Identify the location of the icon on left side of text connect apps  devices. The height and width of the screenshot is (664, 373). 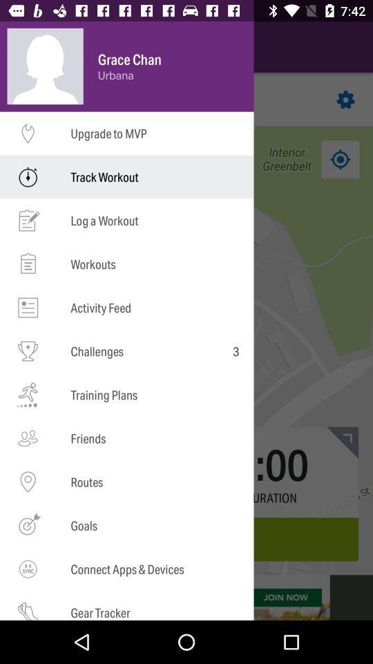
(28, 569).